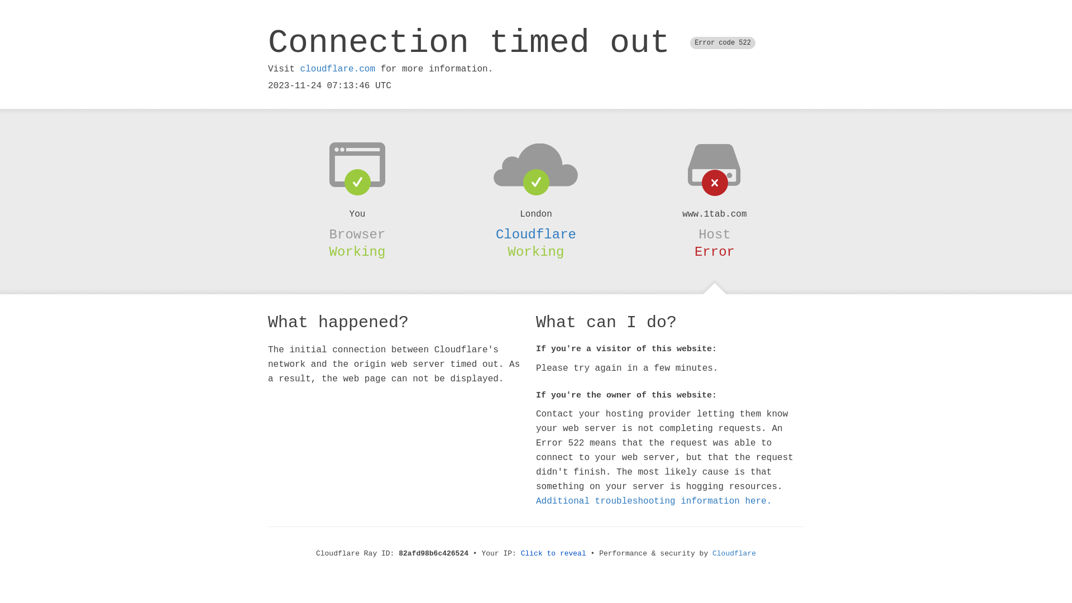 The image size is (1072, 603). What do you see at coordinates (536, 234) in the screenshot?
I see `'Cloudflare'` at bounding box center [536, 234].